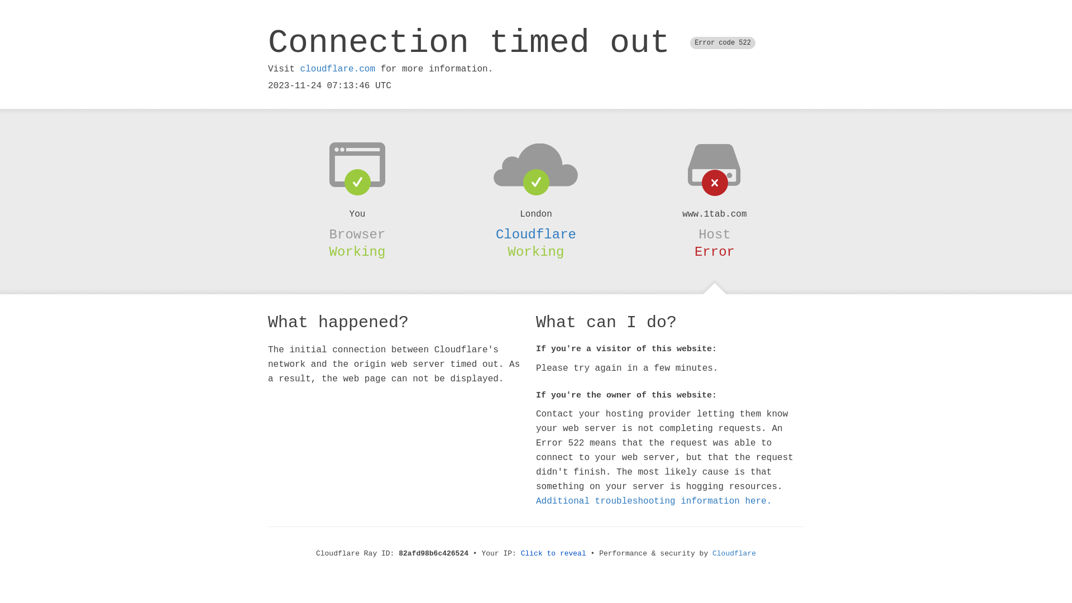 The image size is (1072, 603). What do you see at coordinates (536, 234) in the screenshot?
I see `'Cloudflare'` at bounding box center [536, 234].